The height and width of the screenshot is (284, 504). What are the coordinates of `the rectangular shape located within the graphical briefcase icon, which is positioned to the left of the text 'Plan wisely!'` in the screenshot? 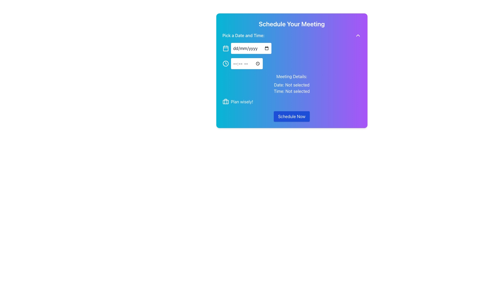 It's located at (225, 102).